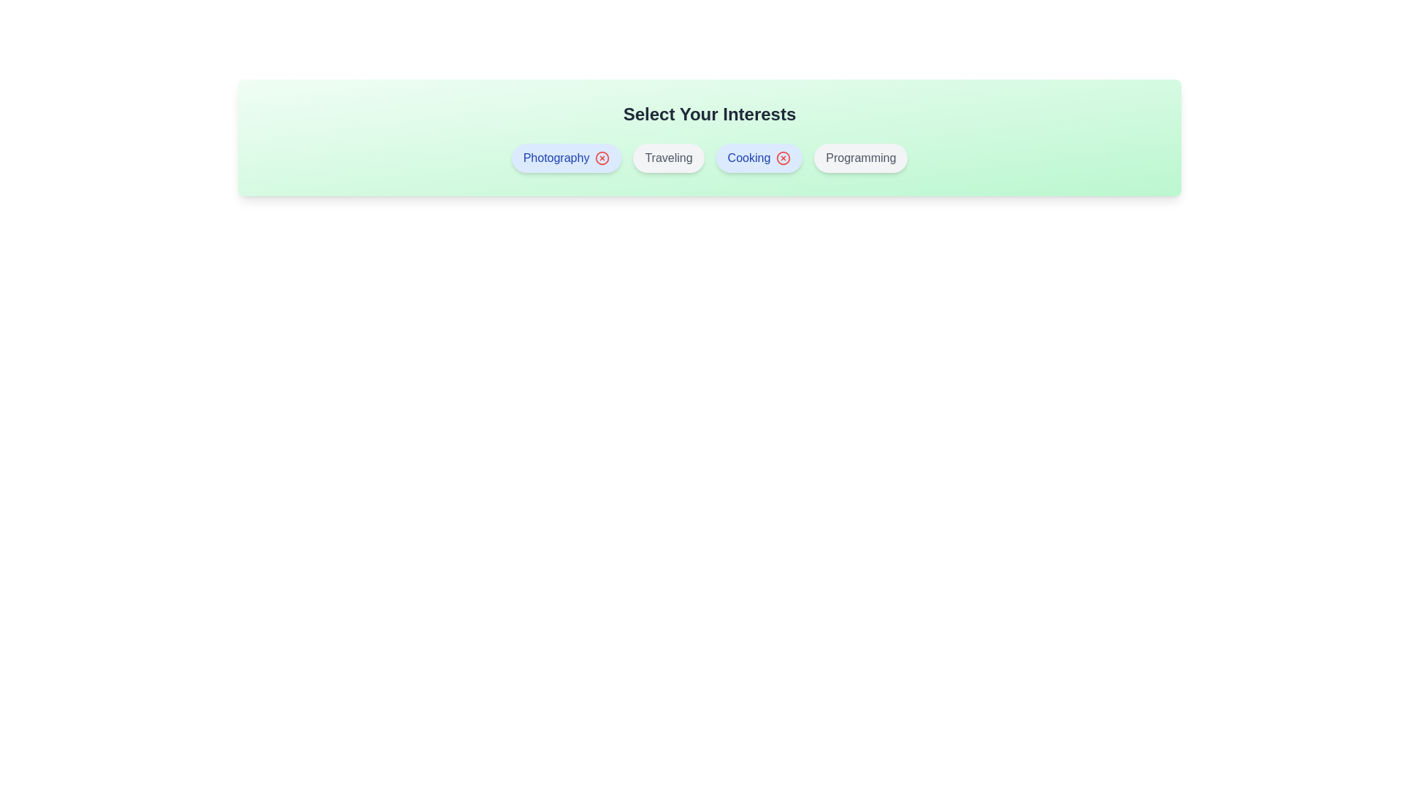  What do you see at coordinates (759, 158) in the screenshot?
I see `the interest Cooking by clicking on its button` at bounding box center [759, 158].